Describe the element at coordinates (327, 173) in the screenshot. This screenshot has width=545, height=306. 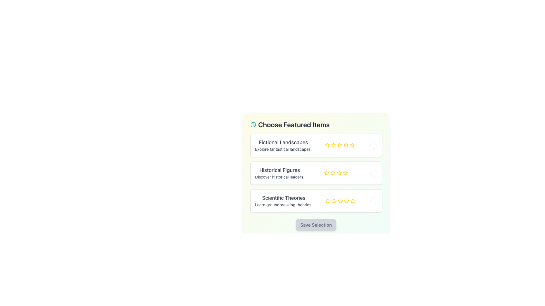
I see `the second yellow star in the rating indicator under the 'Historical Figures' section` at that location.